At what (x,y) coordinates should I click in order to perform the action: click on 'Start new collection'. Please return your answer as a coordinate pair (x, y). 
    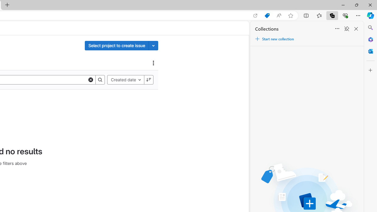
    Looking at the image, I should click on (274, 39).